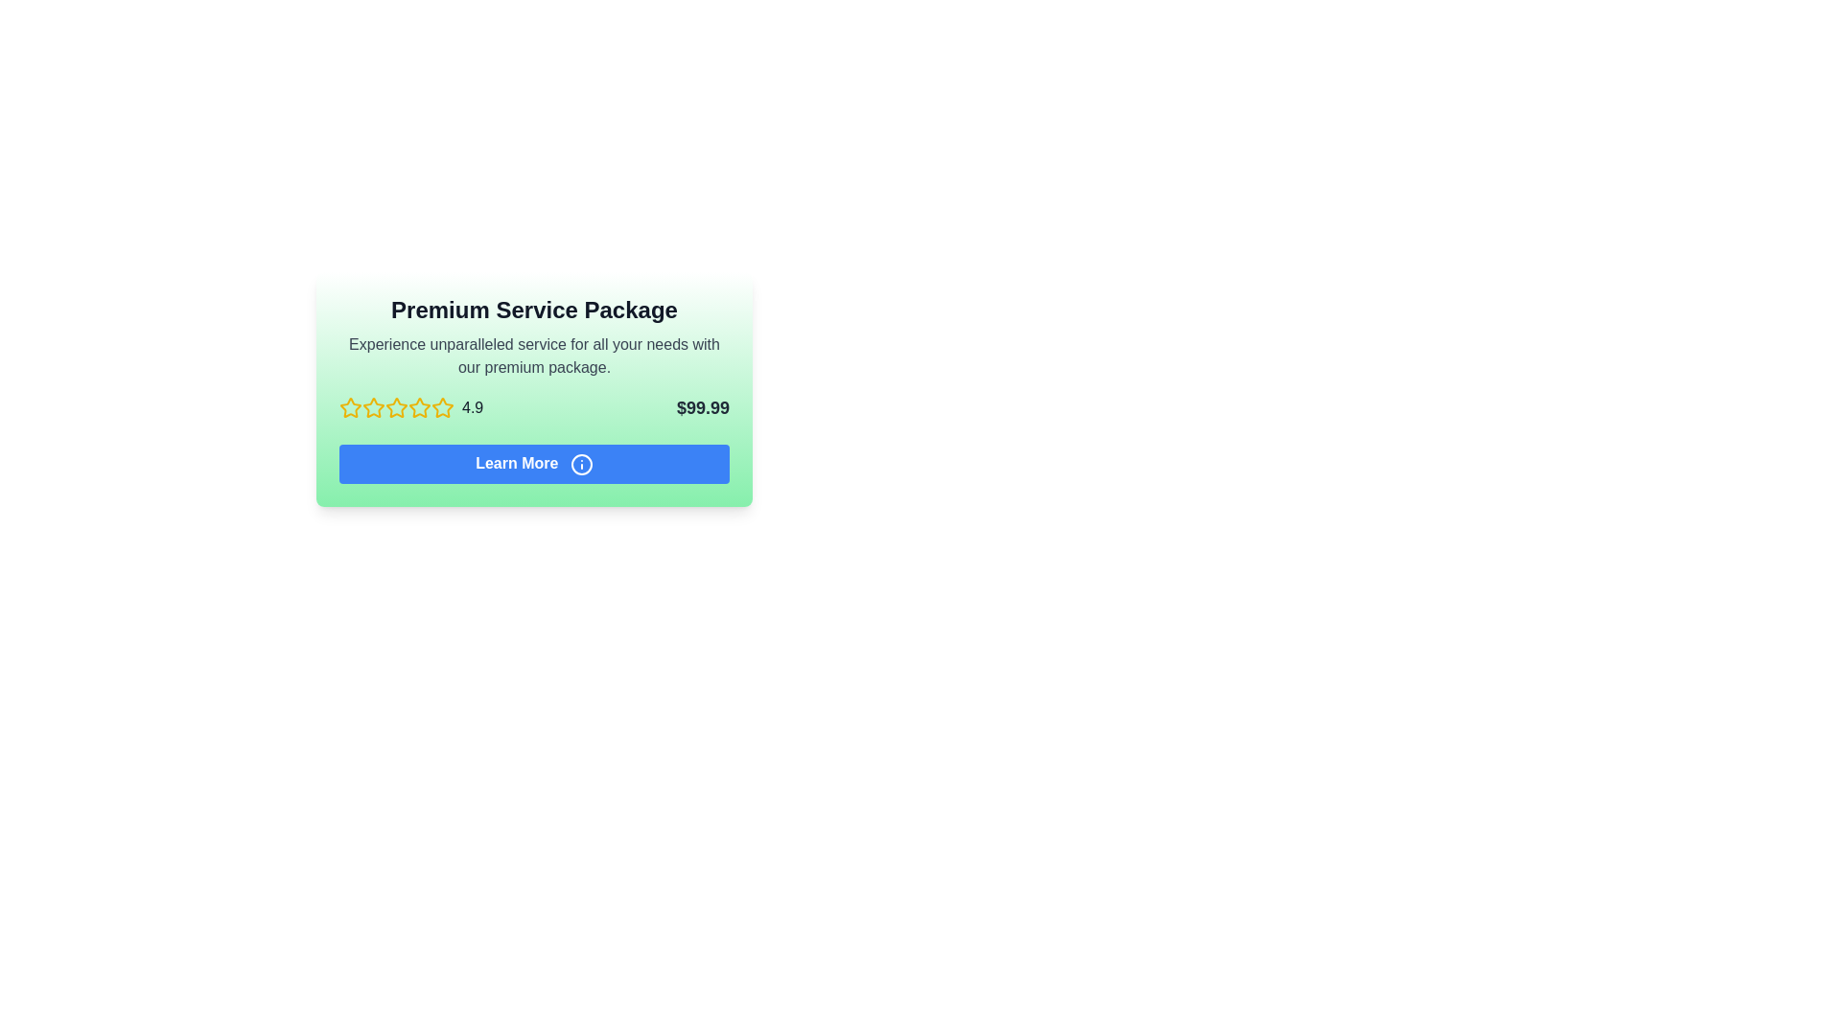 The height and width of the screenshot is (1035, 1841). Describe the element at coordinates (418, 406) in the screenshot. I see `the sixth star icon with a yellow outline in the rating component located beneath the 'Premium Service Package' header` at that location.